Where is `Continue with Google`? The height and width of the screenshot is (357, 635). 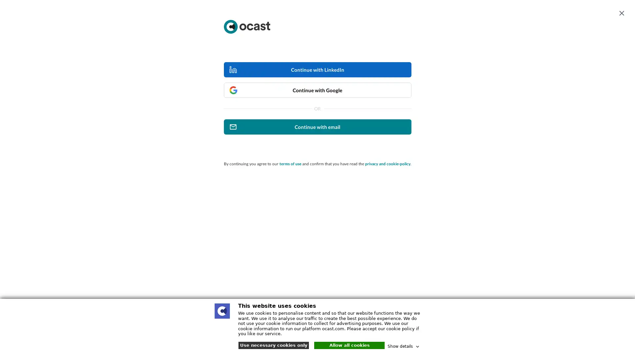
Continue with Google is located at coordinates (317, 90).